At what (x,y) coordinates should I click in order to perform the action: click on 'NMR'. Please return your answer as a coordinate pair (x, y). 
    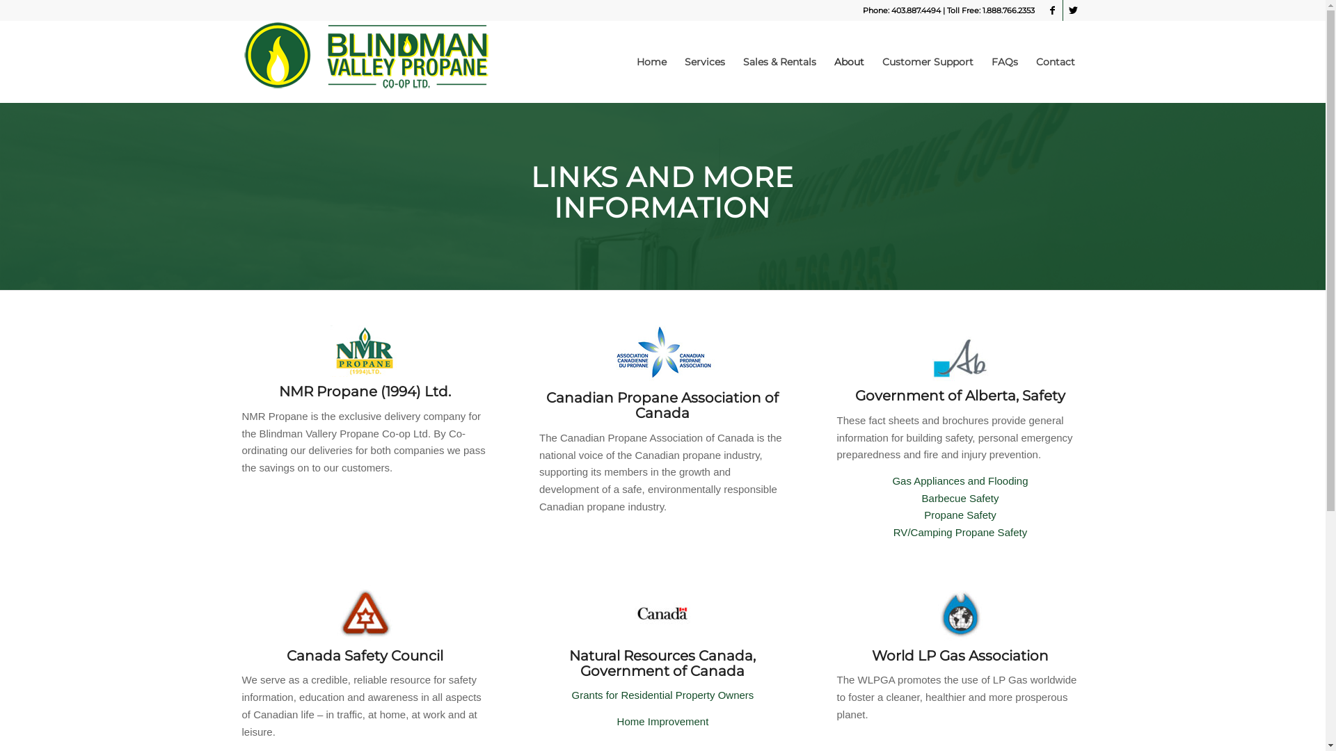
    Looking at the image, I should click on (365, 350).